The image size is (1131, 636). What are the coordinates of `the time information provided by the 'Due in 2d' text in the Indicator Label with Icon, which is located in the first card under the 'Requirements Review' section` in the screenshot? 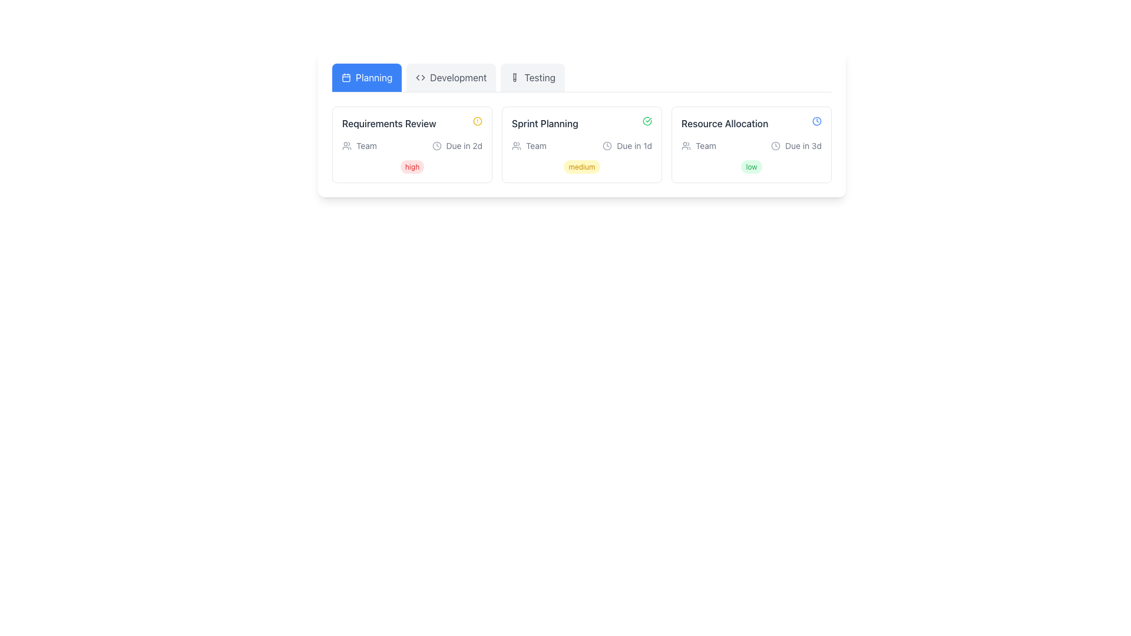 It's located at (457, 145).